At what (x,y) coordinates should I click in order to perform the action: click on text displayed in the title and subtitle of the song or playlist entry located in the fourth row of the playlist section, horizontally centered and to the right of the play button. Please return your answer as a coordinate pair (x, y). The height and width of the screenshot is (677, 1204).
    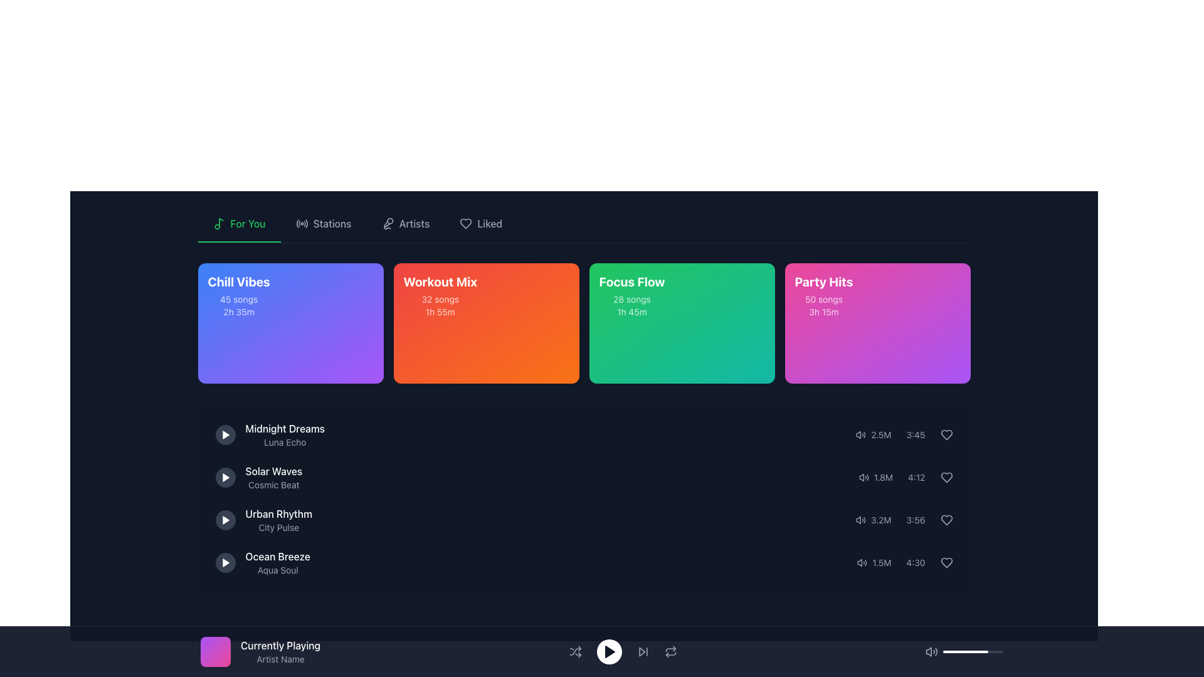
    Looking at the image, I should click on (277, 562).